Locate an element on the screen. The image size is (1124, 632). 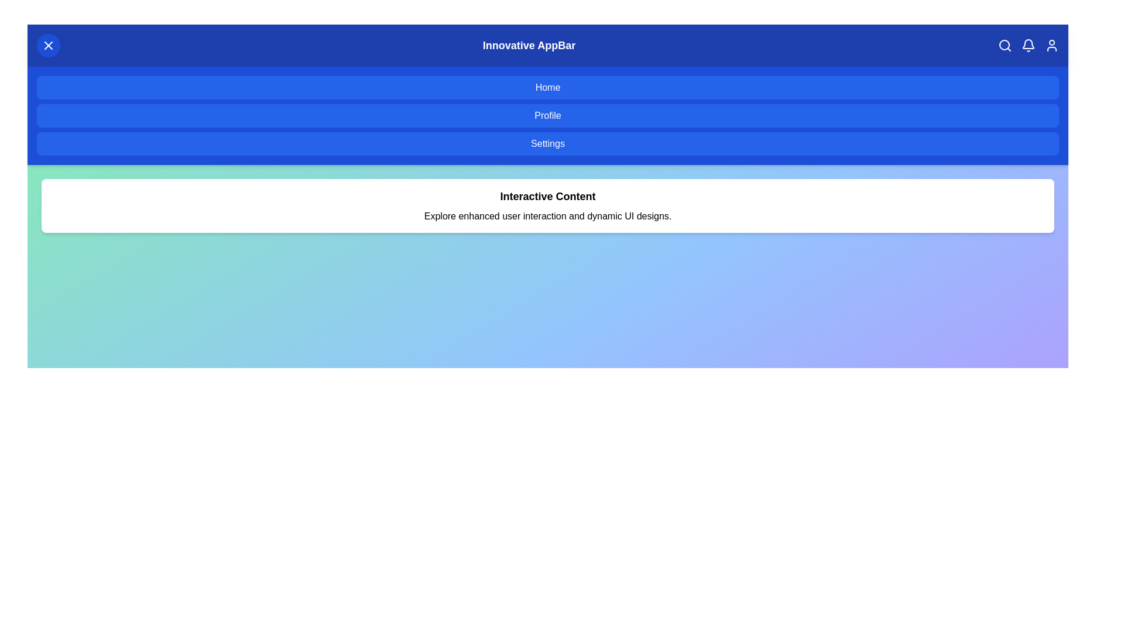
the toggle button in the header to toggle the menu state is located at coordinates (47, 44).